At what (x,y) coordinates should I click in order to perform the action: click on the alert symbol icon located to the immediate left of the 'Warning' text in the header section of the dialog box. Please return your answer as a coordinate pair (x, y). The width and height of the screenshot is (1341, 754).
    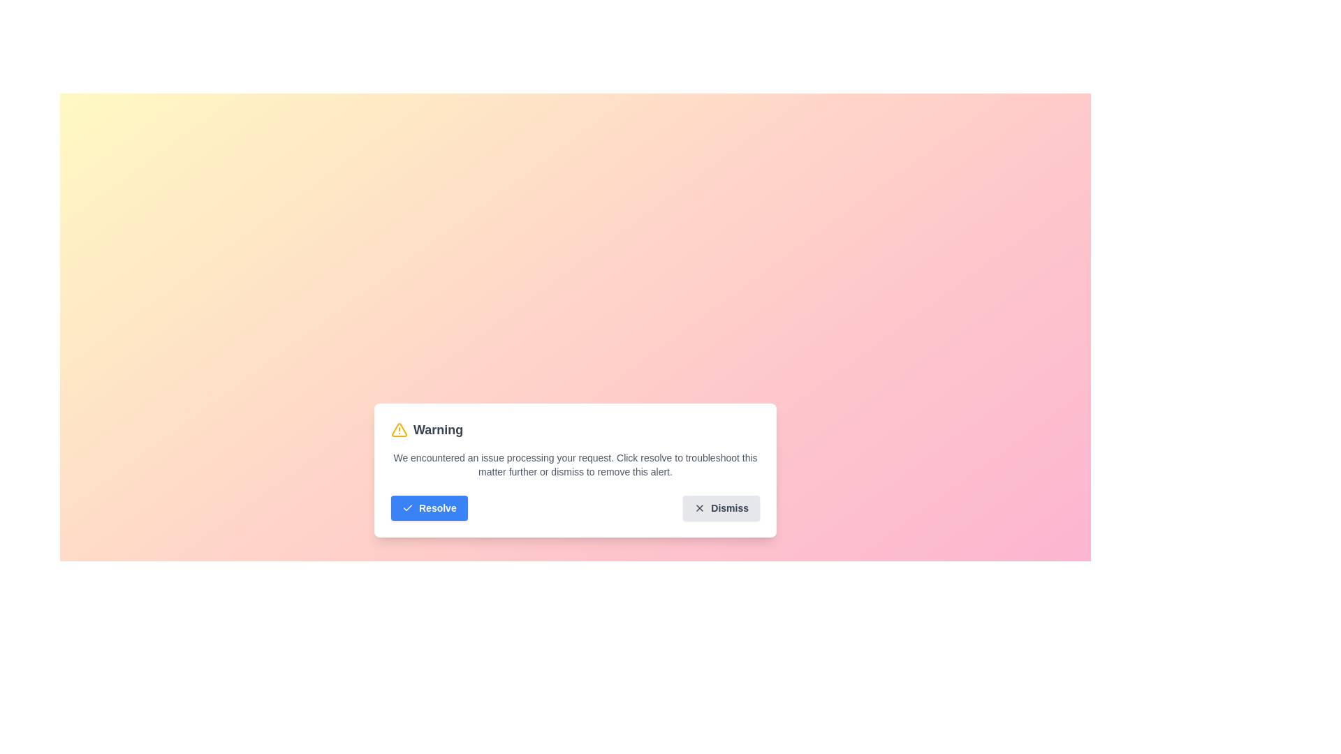
    Looking at the image, I should click on (398, 429).